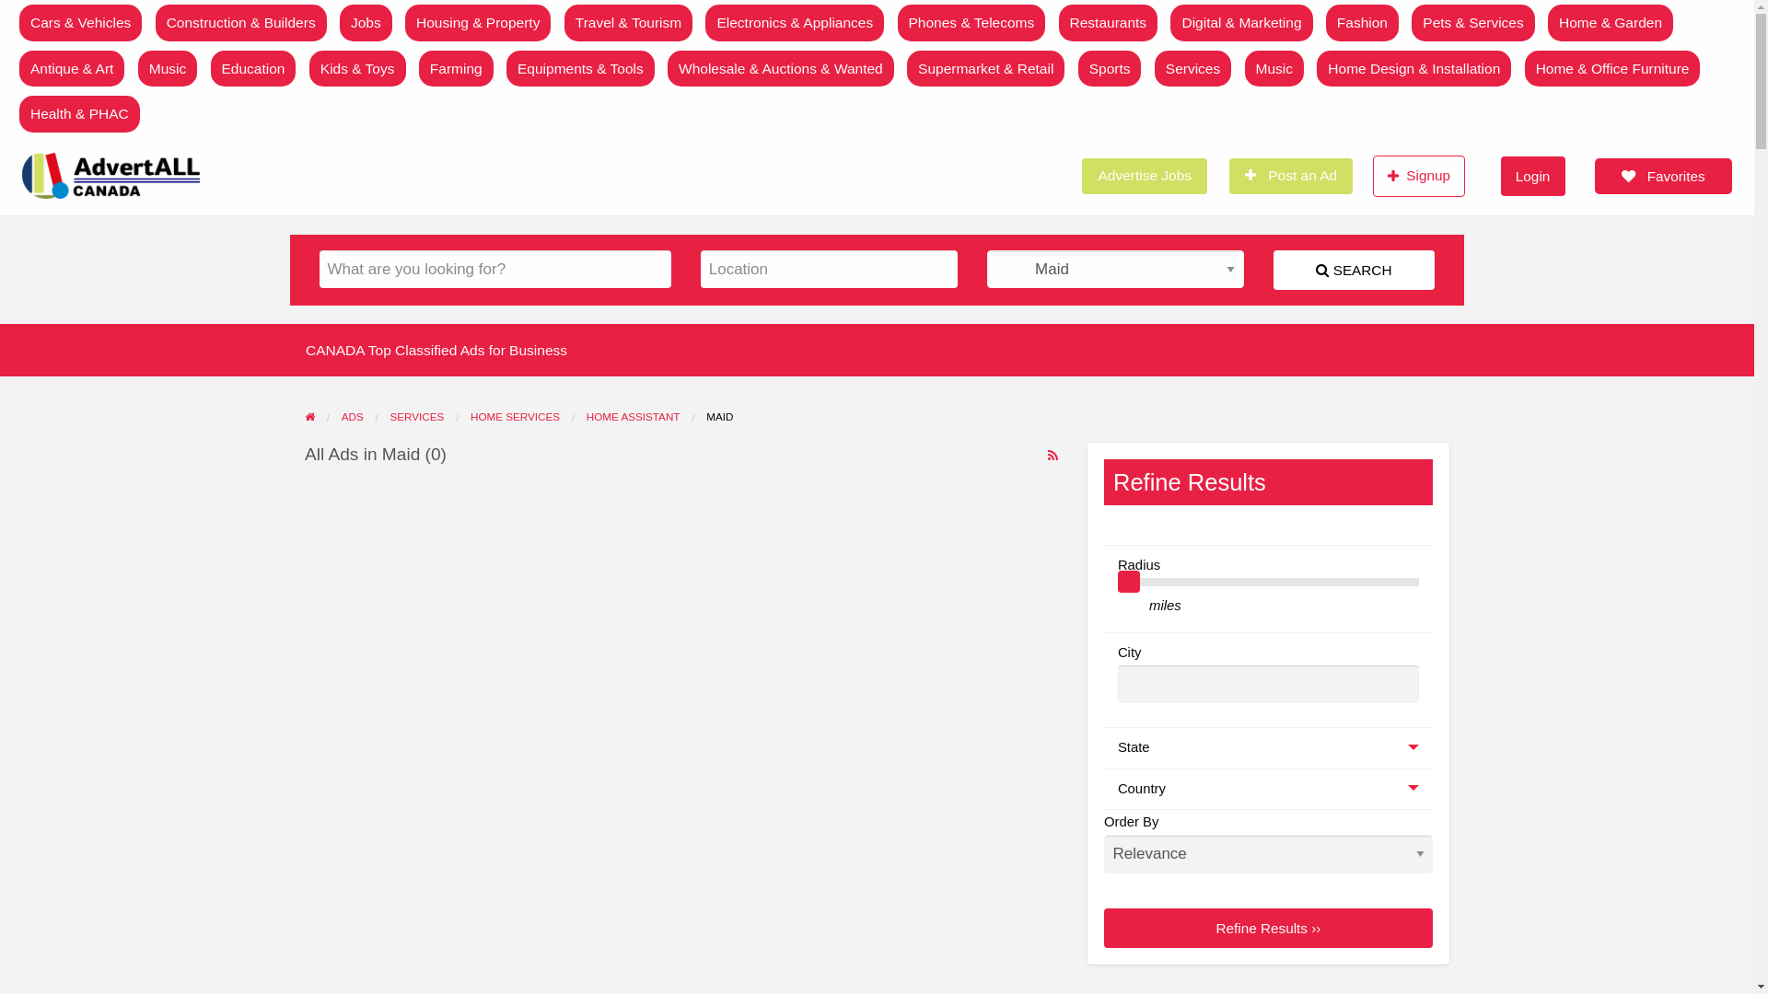  What do you see at coordinates (1108, 22) in the screenshot?
I see `'Restaurants'` at bounding box center [1108, 22].